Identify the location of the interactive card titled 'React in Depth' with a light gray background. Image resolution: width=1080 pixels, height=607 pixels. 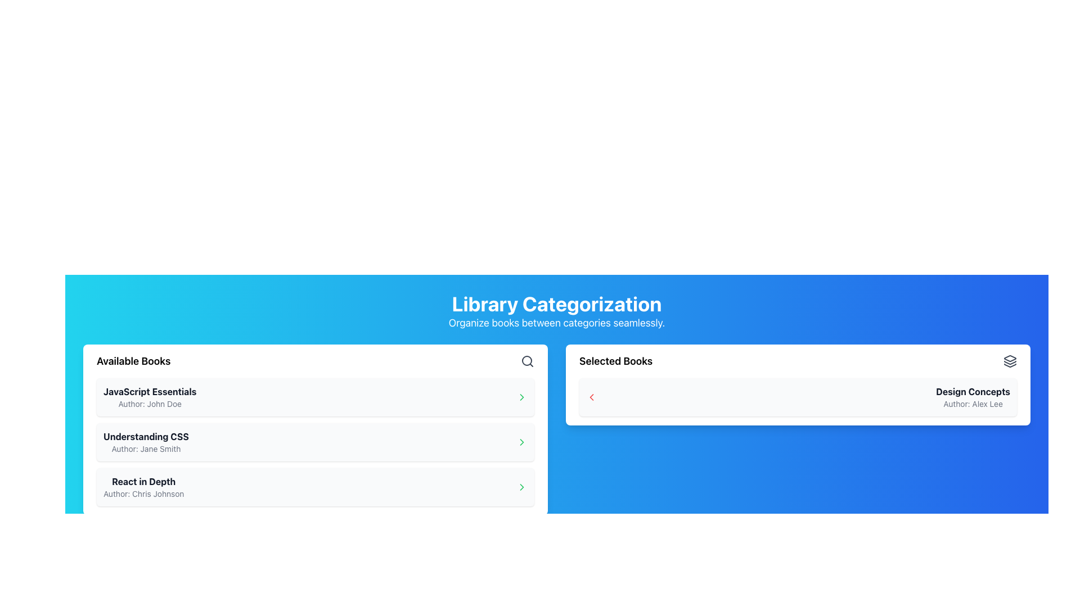
(315, 487).